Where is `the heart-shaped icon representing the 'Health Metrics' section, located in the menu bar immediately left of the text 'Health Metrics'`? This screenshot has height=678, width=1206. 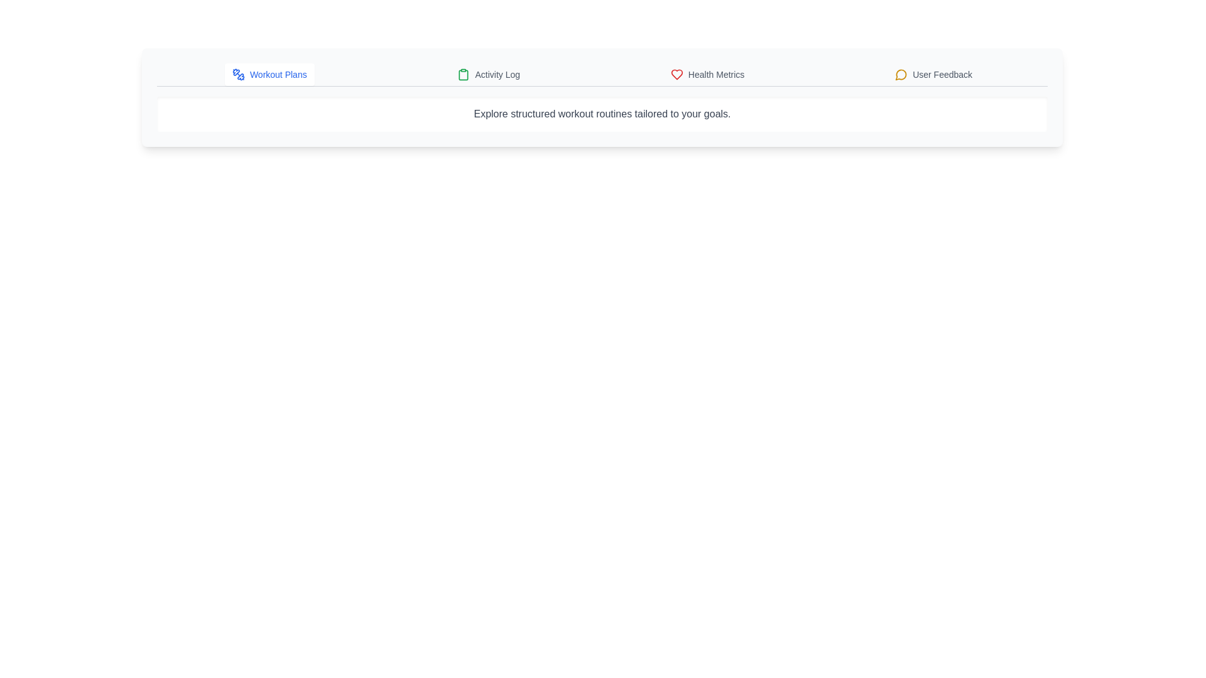
the heart-shaped icon representing the 'Health Metrics' section, located in the menu bar immediately left of the text 'Health Metrics' is located at coordinates (676, 75).